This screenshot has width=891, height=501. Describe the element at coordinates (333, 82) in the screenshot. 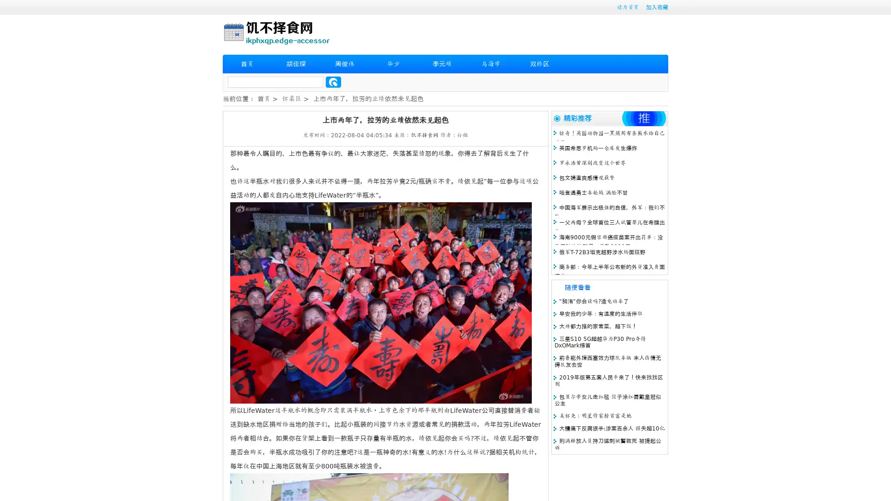

I see `Search` at that location.